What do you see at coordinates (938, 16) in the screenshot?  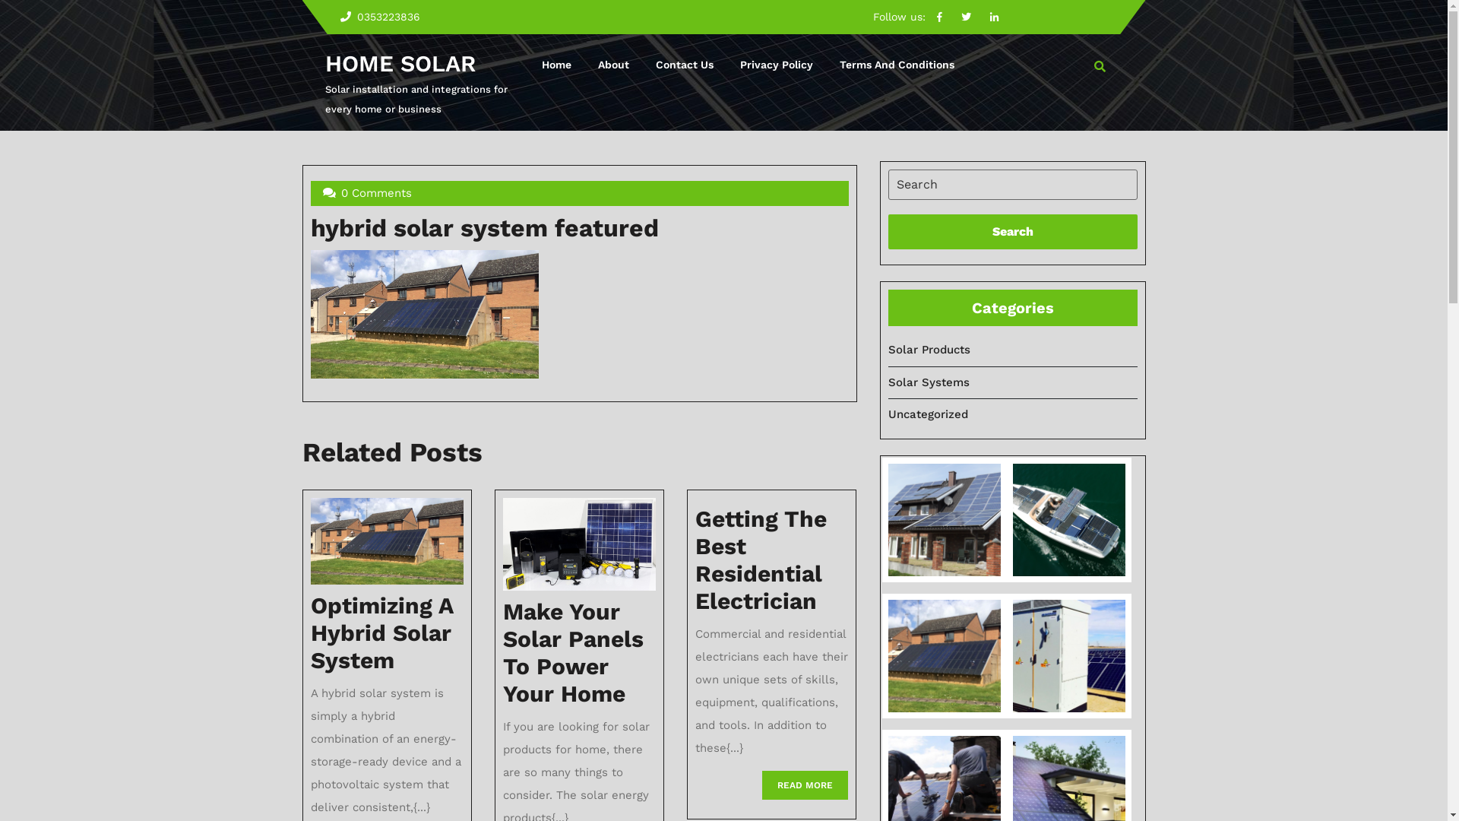 I see `'Facebook'` at bounding box center [938, 16].